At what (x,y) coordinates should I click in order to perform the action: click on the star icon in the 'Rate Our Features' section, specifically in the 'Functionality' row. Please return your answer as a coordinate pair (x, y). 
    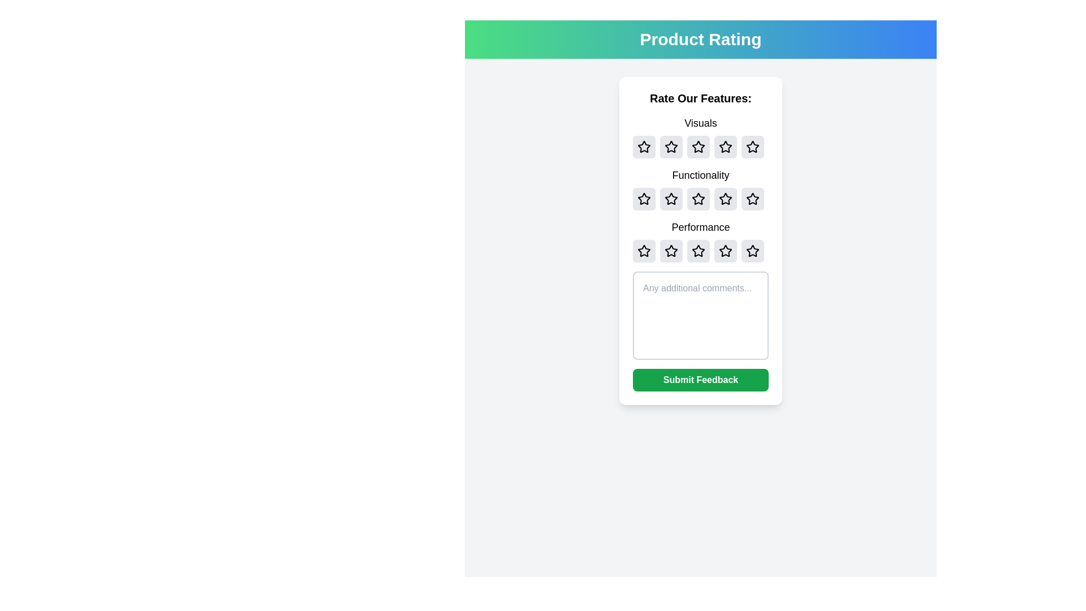
    Looking at the image, I should click on (644, 198).